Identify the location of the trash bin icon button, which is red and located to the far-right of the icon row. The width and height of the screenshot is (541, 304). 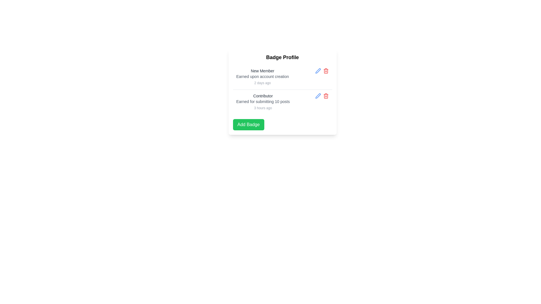
(326, 70).